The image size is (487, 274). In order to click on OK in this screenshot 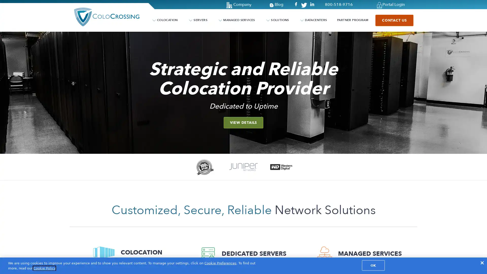, I will do `click(373, 265)`.